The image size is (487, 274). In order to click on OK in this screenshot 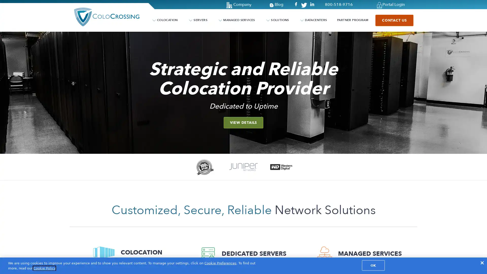, I will do `click(373, 265)`.